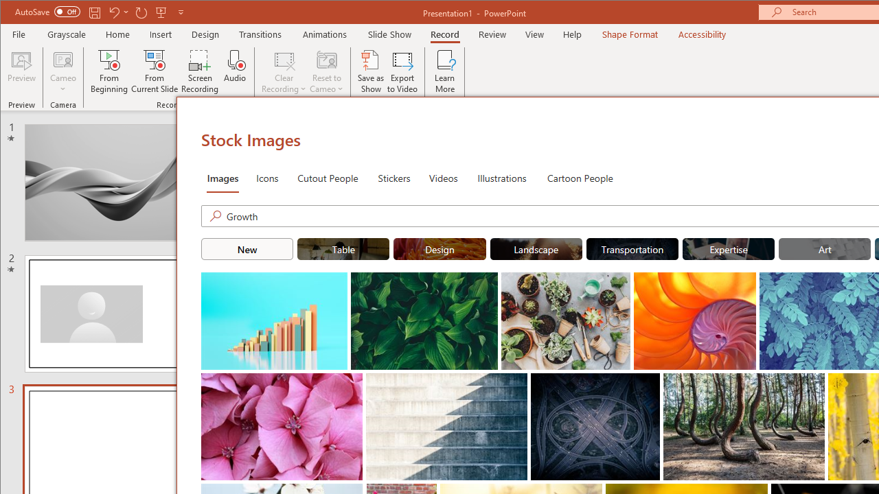  I want to click on 'From Current Slide...', so click(155, 71).